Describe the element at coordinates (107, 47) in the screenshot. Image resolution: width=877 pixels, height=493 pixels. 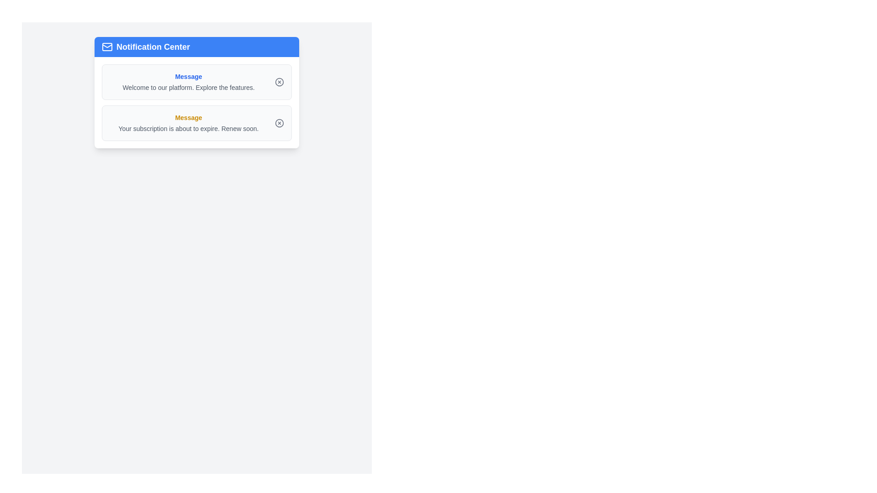
I see `the minimalist envelope icon located at the top left corner of the 'Notification Center' header bar, positioned before the text label 'Notification Center'` at that location.